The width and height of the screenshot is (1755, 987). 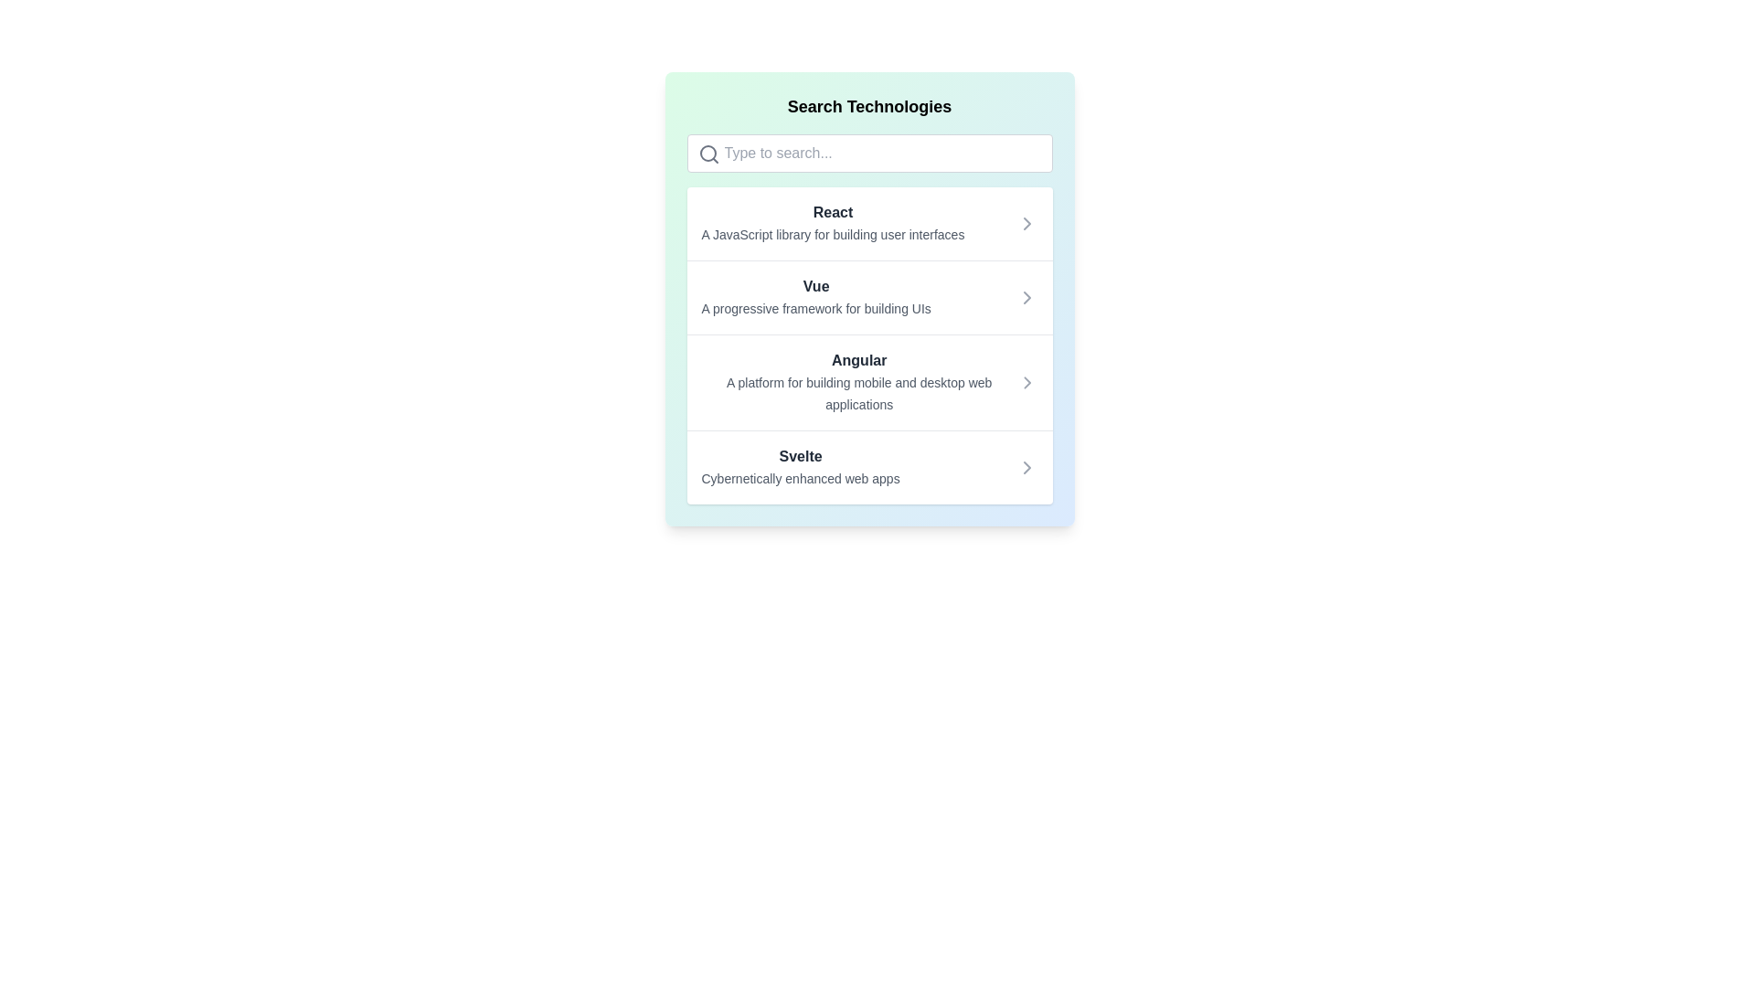 I want to click on the second list item representing Vue technology, so click(x=815, y=297).